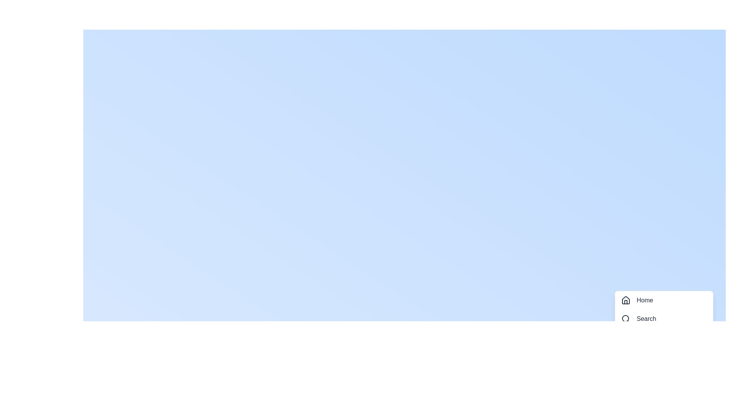 This screenshot has height=416, width=740. What do you see at coordinates (645, 300) in the screenshot?
I see `the 'Home' text label in the bottom-right navigation menu` at bounding box center [645, 300].